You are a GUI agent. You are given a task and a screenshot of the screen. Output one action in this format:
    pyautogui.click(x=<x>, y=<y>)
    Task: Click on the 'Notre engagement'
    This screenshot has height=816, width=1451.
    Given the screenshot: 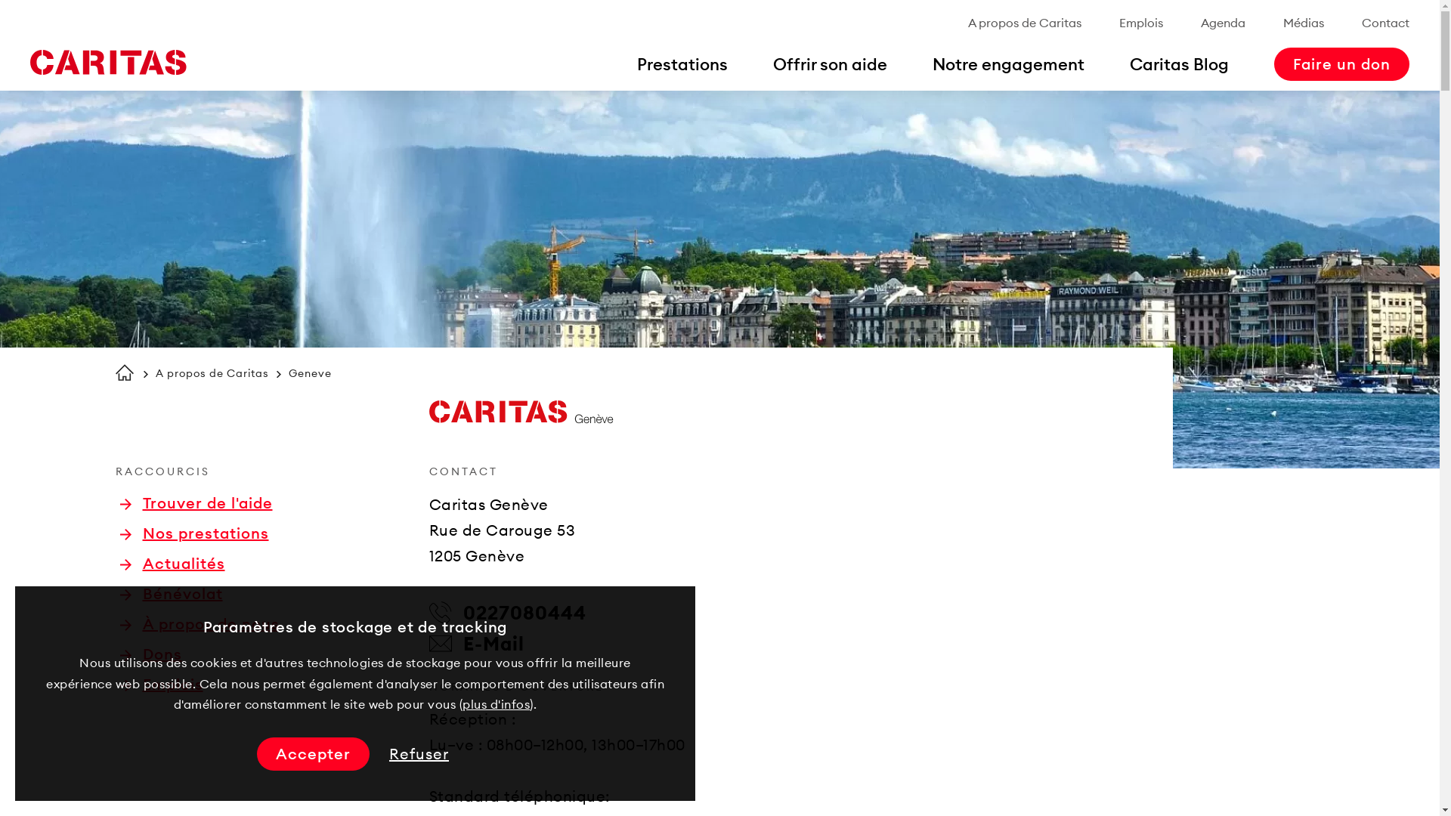 What is the action you would take?
    pyautogui.click(x=931, y=63)
    